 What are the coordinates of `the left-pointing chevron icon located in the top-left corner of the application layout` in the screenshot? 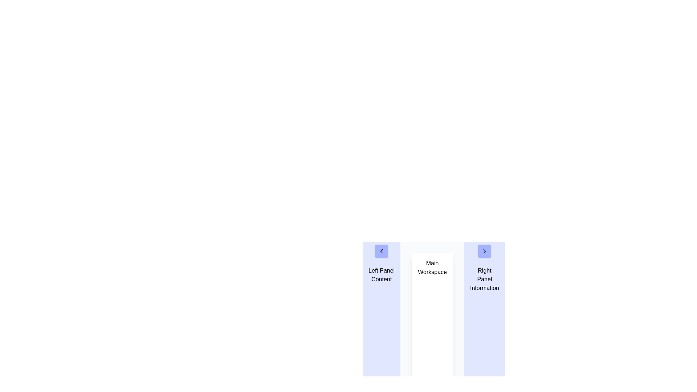 It's located at (381, 250).